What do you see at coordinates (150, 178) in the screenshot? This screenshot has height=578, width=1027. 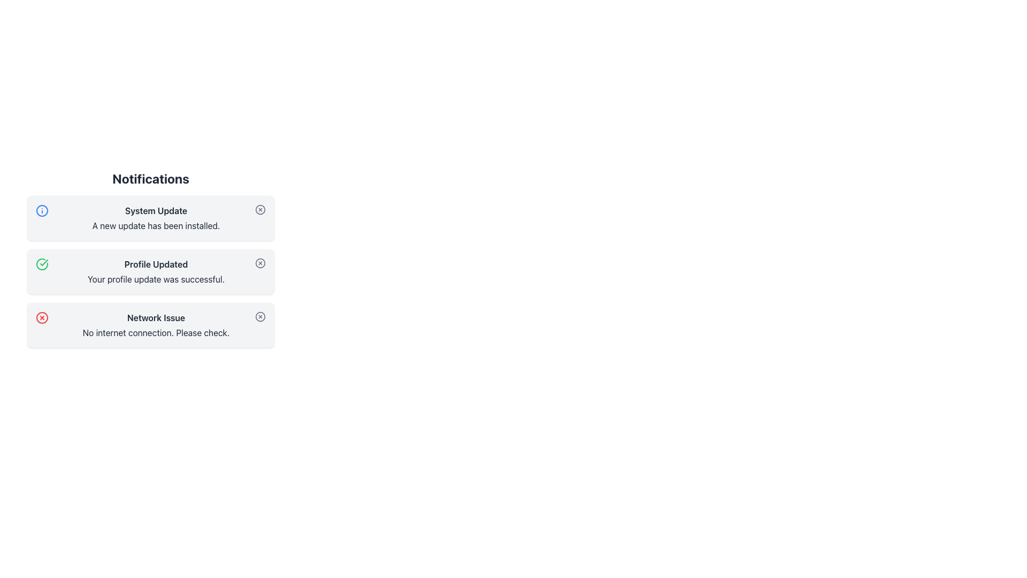 I see `the 'Notifications' title text label, which is bold, large, and positioned at the top of the notification section` at bounding box center [150, 178].